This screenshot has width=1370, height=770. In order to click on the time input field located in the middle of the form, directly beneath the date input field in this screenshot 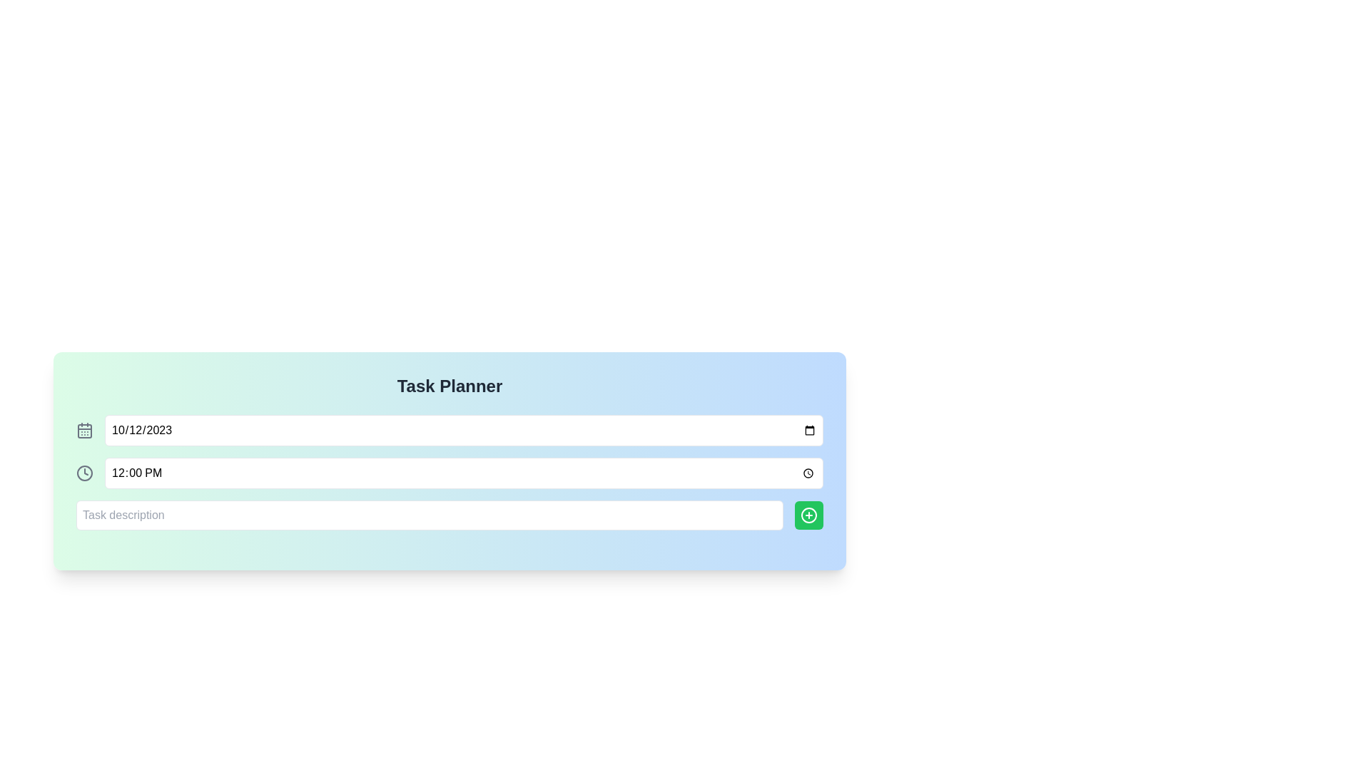, I will do `click(464, 473)`.